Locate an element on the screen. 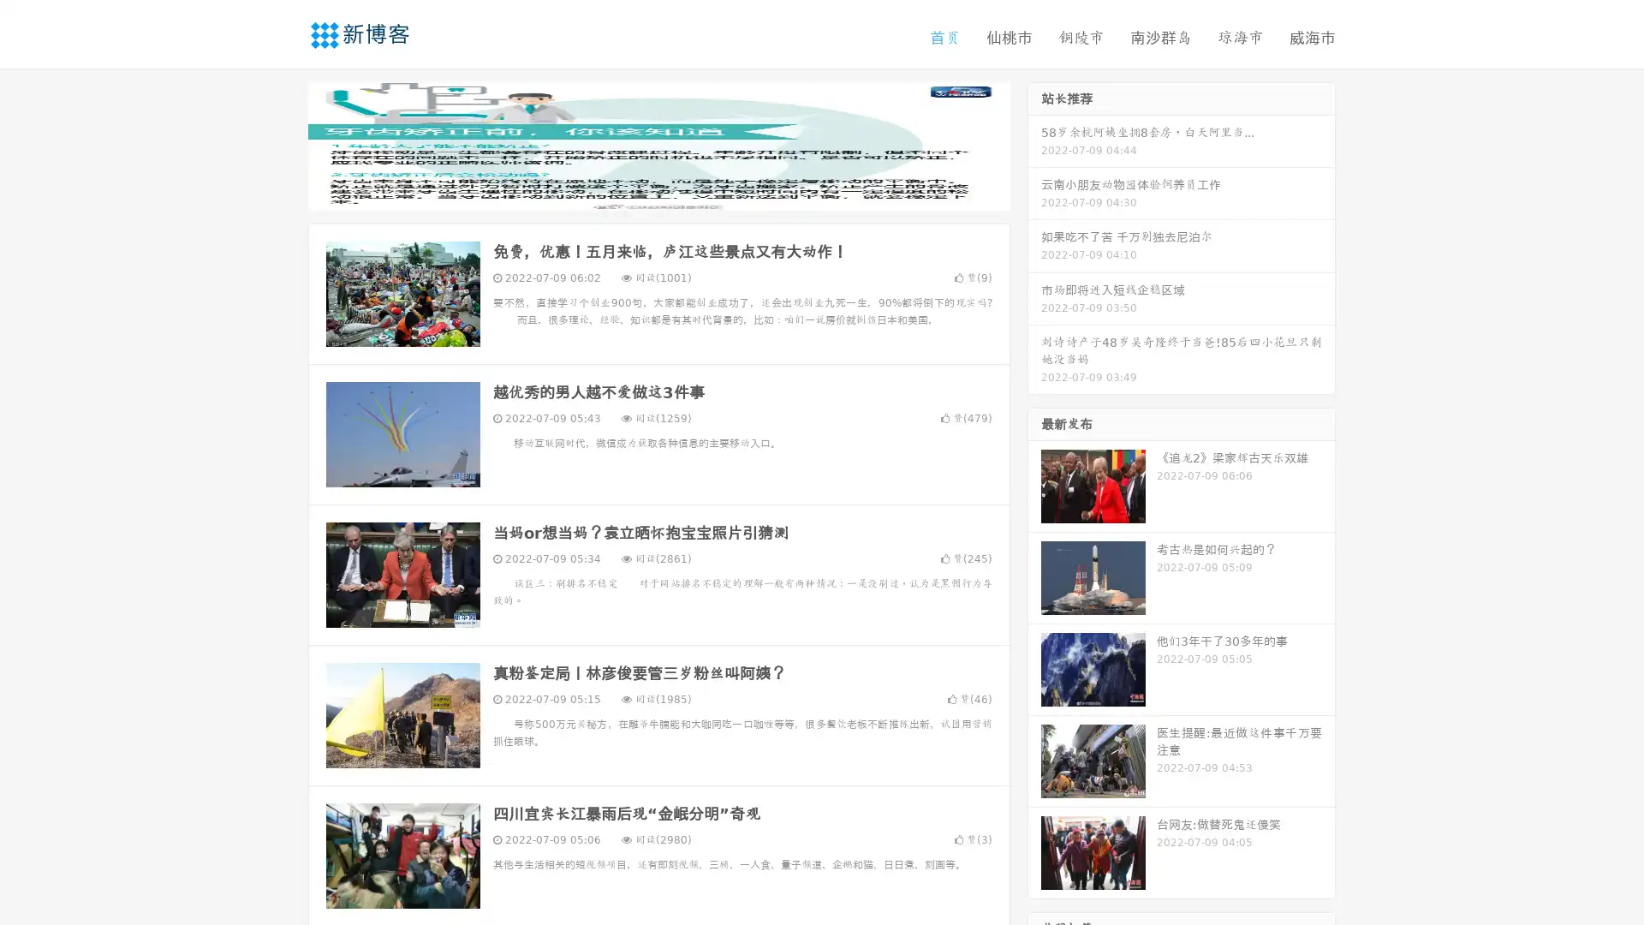 Image resolution: width=1644 pixels, height=925 pixels. Next slide is located at coordinates (1034, 144).